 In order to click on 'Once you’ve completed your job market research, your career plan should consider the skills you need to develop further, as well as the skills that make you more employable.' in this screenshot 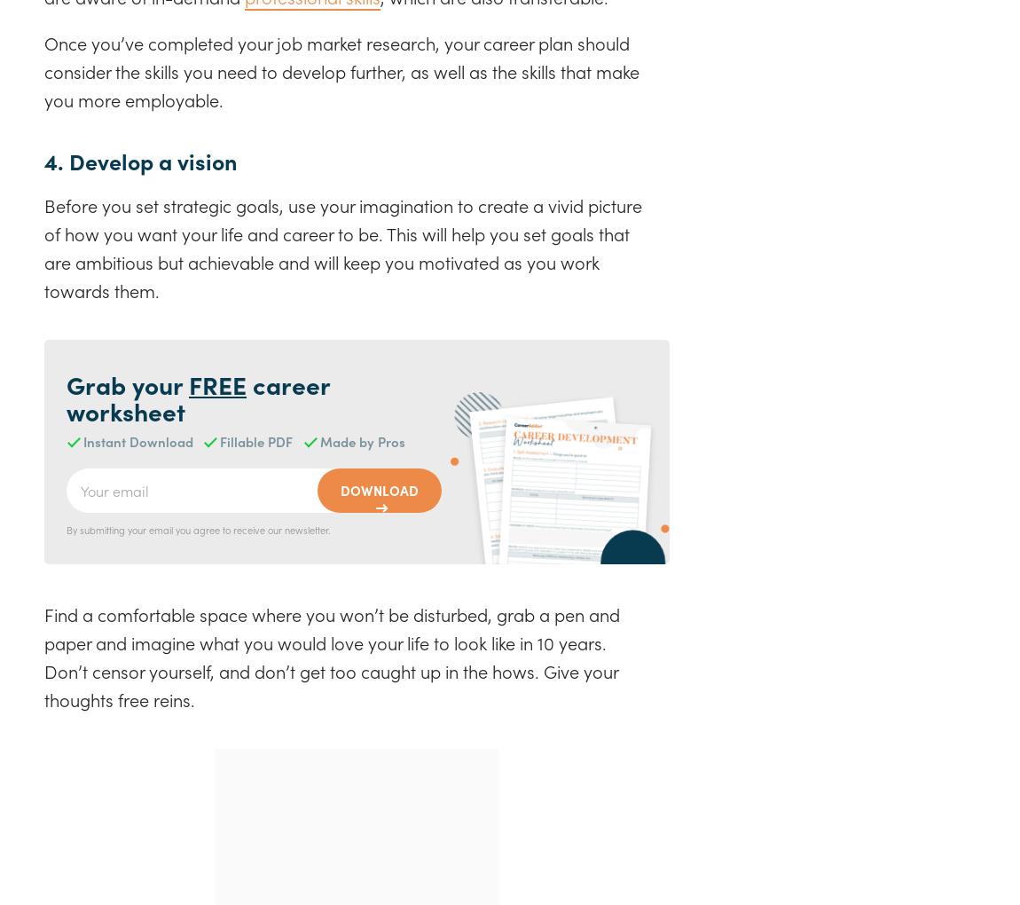, I will do `click(341, 70)`.